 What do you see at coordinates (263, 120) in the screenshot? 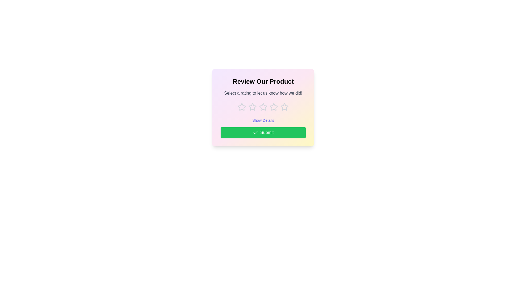
I see `the 'Show Details' button to toggle the visibility of the additional details` at bounding box center [263, 120].